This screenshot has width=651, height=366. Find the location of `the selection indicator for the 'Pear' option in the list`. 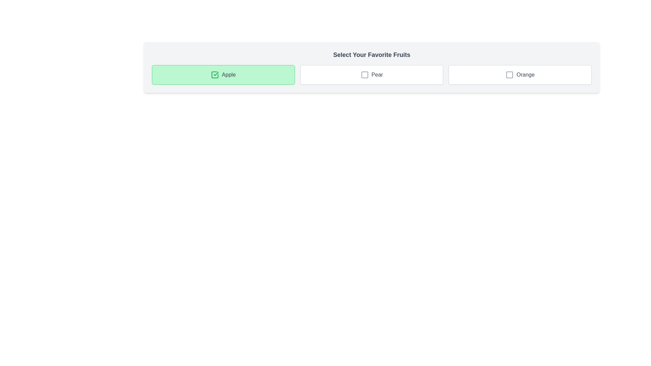

the selection indicator for the 'Pear' option in the list is located at coordinates (364, 75).